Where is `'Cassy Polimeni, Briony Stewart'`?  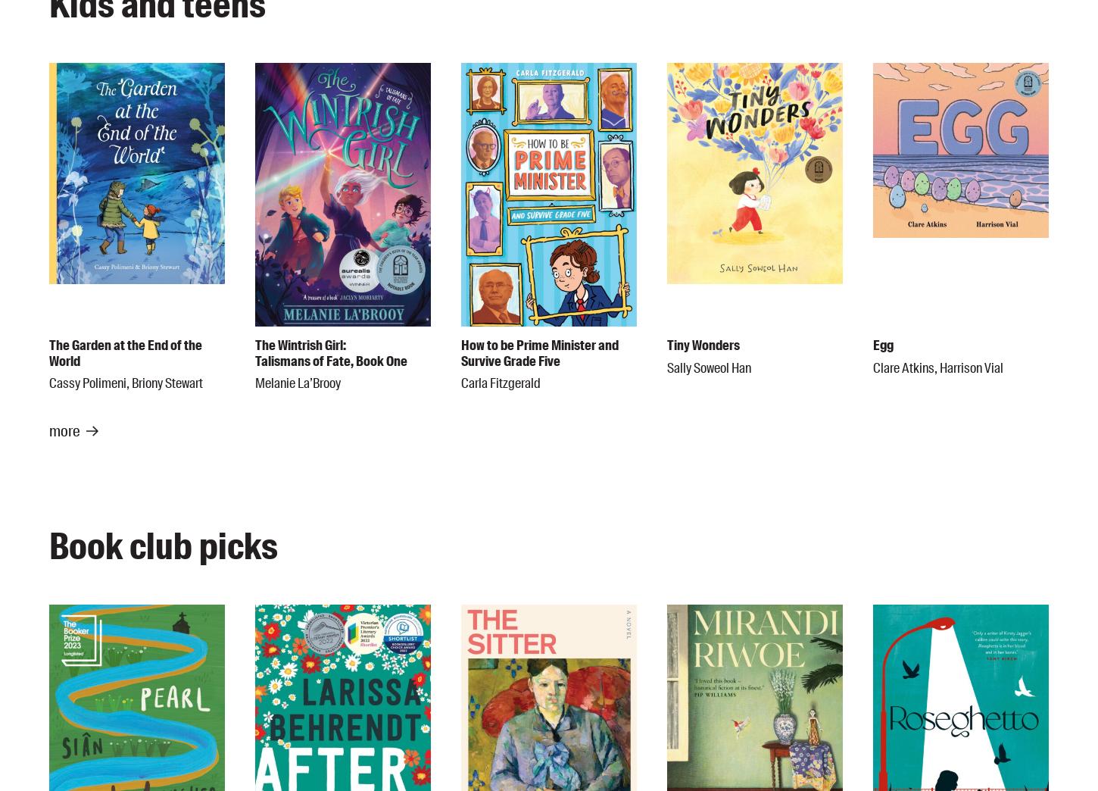 'Cassy Polimeni, Briony Stewart' is located at coordinates (125, 383).